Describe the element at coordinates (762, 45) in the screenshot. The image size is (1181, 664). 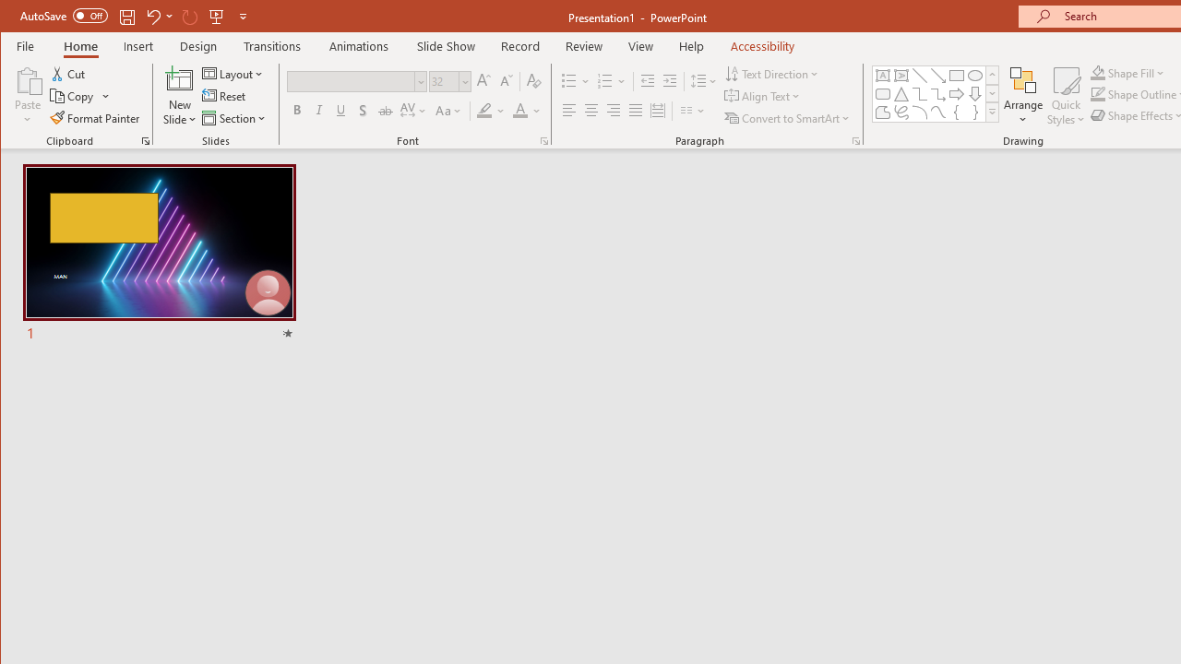
I see `'Accessibility'` at that location.